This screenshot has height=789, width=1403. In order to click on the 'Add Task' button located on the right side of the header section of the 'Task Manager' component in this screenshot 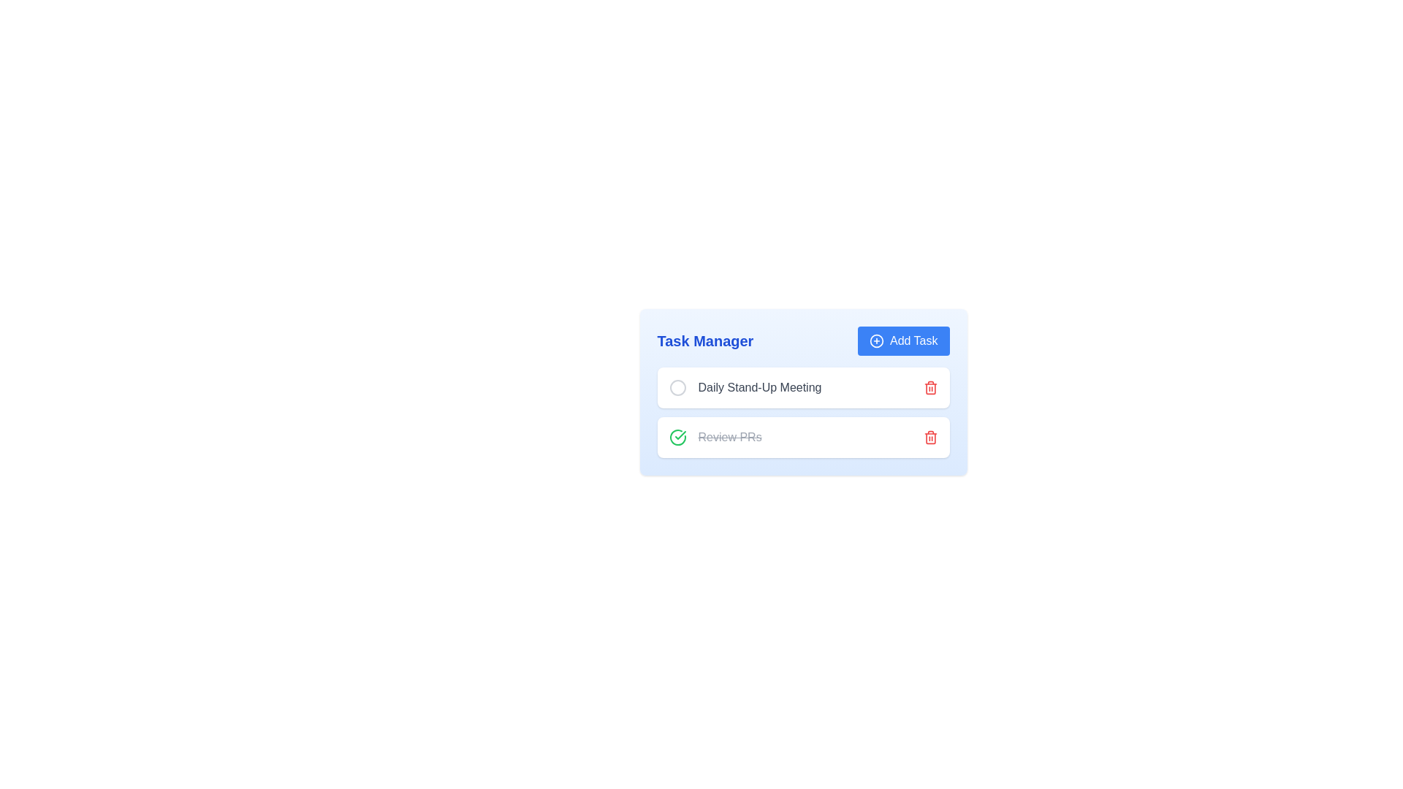, I will do `click(902, 340)`.